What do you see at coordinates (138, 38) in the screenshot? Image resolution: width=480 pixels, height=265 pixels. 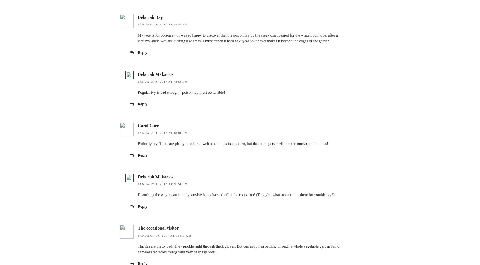 I see `'My vote is for poison ivy. I was so happy to discover that the poison ivy by the creek disappeared for the winter, but nope, after a visit my ankle was still itching like crazy. I must attack it hard next year so it never makes it beyond the edges of the garden!'` at bounding box center [138, 38].